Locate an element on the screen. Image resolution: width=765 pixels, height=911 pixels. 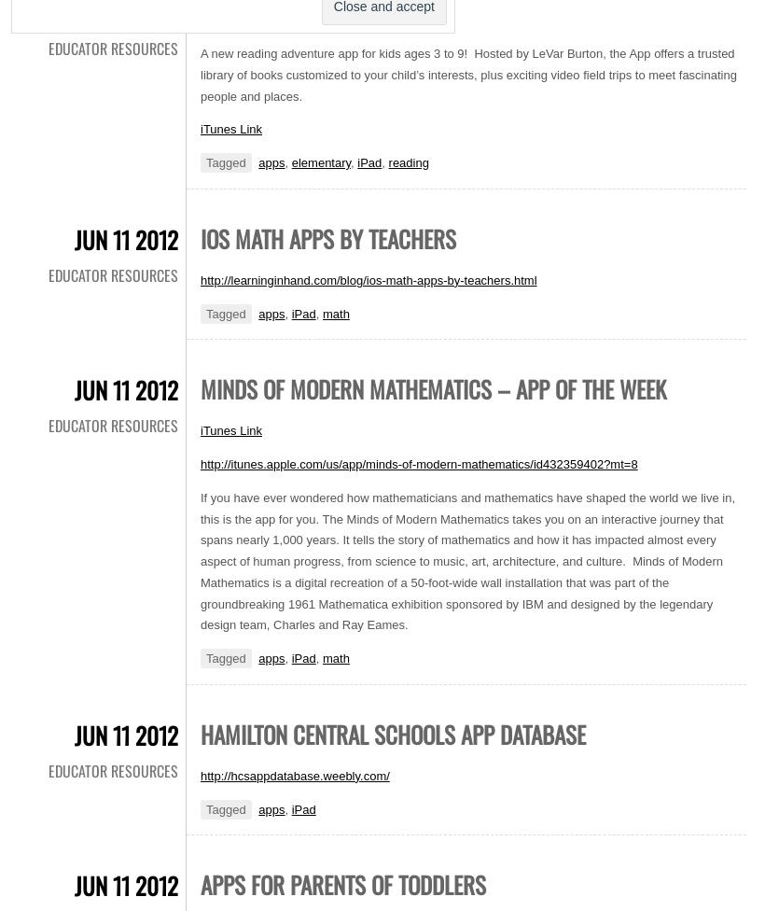
'http://itunes.apple.com/us/app/minds-of-modern-mathematics/id432359402?mt=8' is located at coordinates (200, 464).